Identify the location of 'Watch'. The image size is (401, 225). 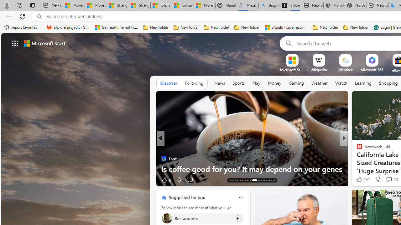
(341, 83).